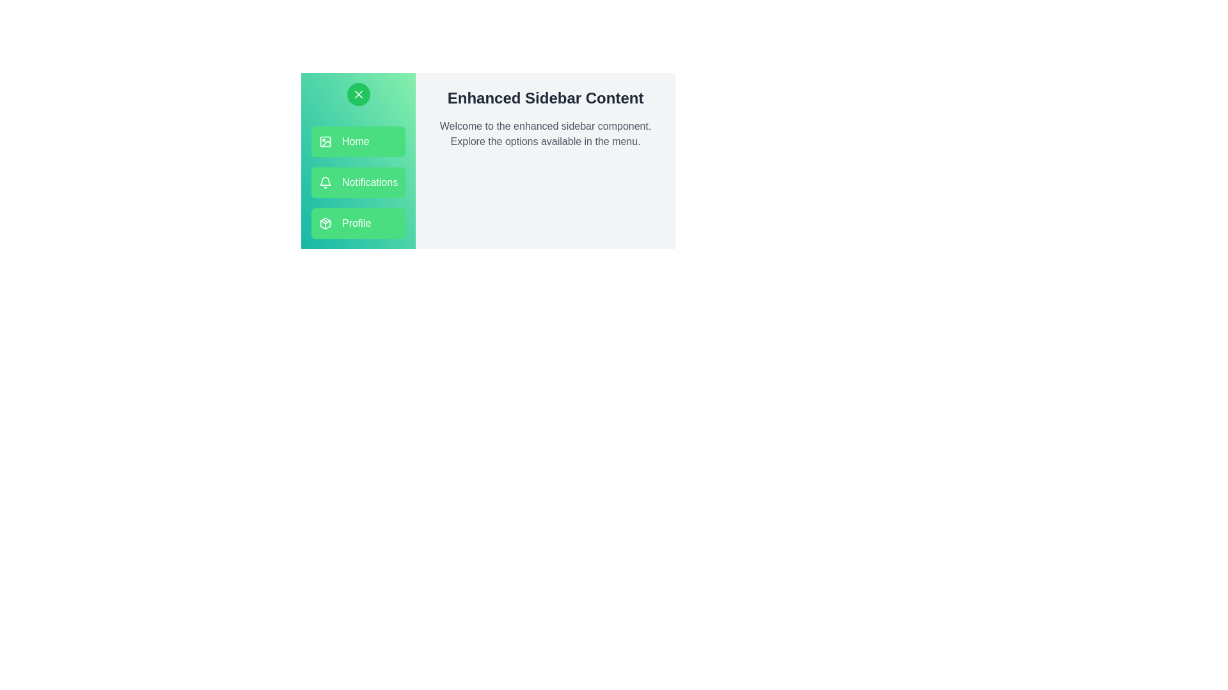 Image resolution: width=1228 pixels, height=690 pixels. What do you see at coordinates (358, 182) in the screenshot?
I see `the menu option Notifications to see its hover effect` at bounding box center [358, 182].